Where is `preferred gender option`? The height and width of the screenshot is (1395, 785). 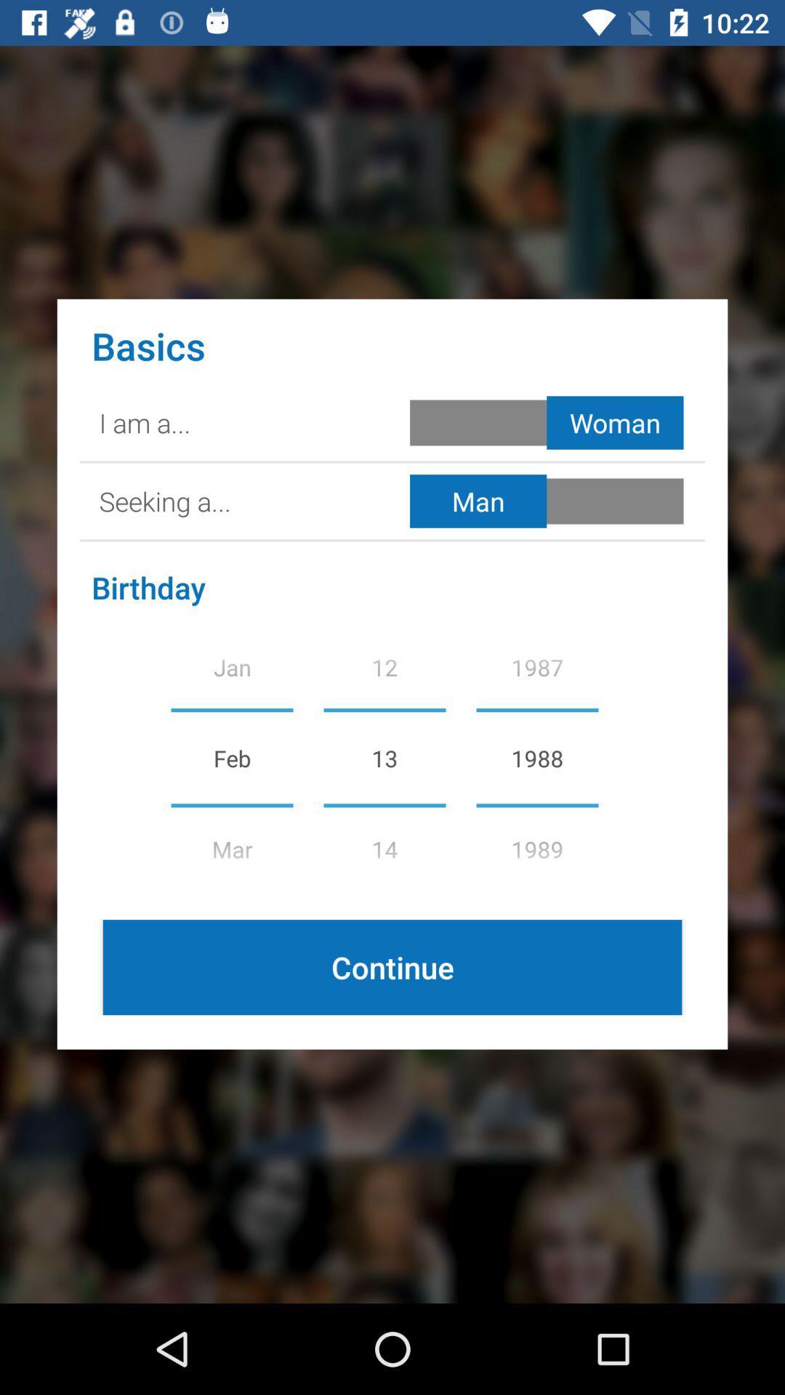
preferred gender option is located at coordinates (549, 501).